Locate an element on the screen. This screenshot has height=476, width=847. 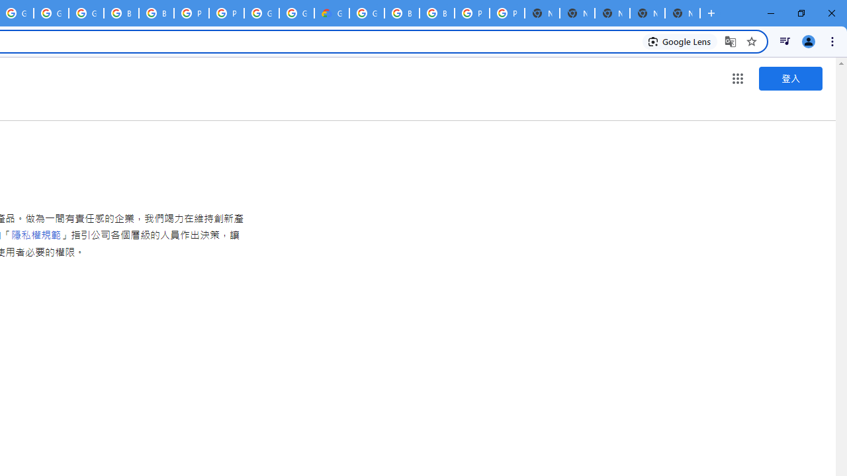
'New Tab' is located at coordinates (682, 13).